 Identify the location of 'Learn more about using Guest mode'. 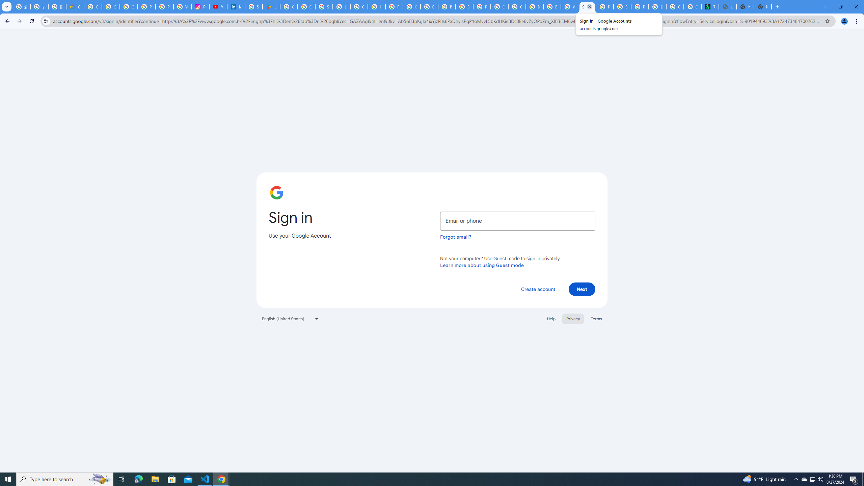
(482, 265).